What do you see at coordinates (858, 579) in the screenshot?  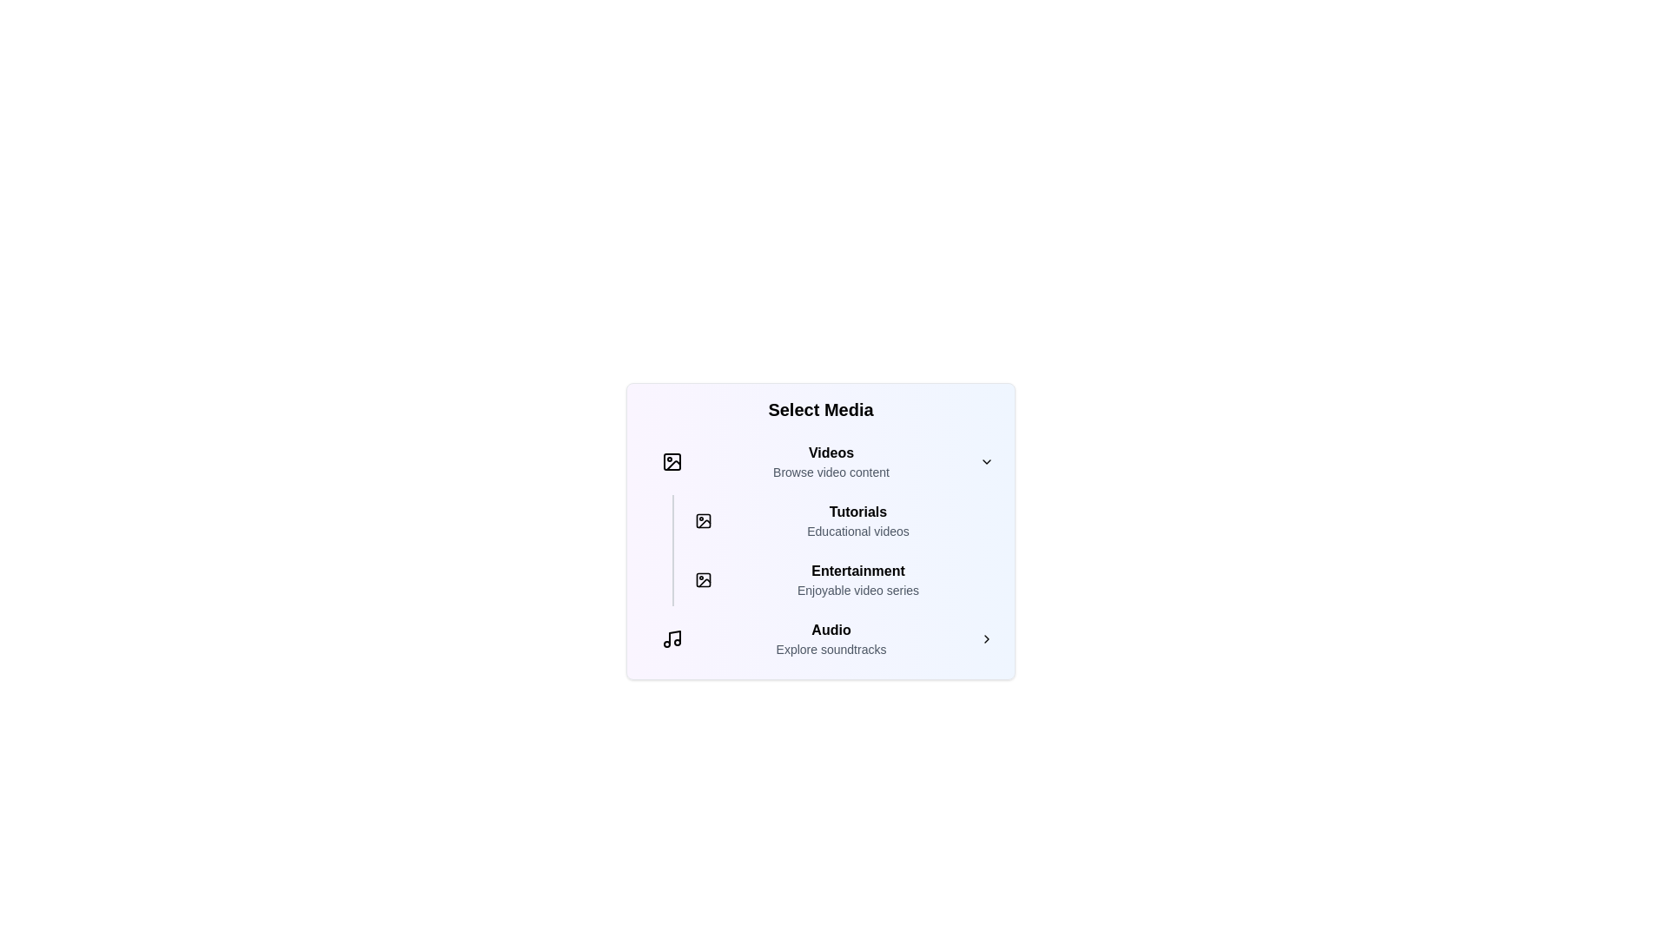 I see `the 'Entertainment' media category element, which includes a title and description` at bounding box center [858, 579].